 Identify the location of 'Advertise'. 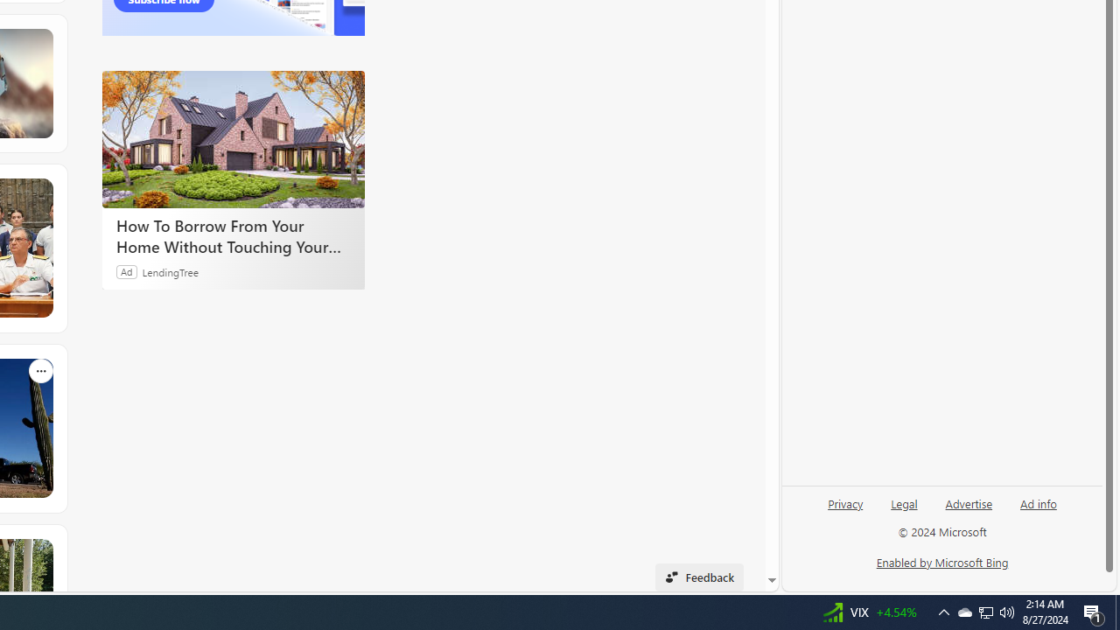
(968, 510).